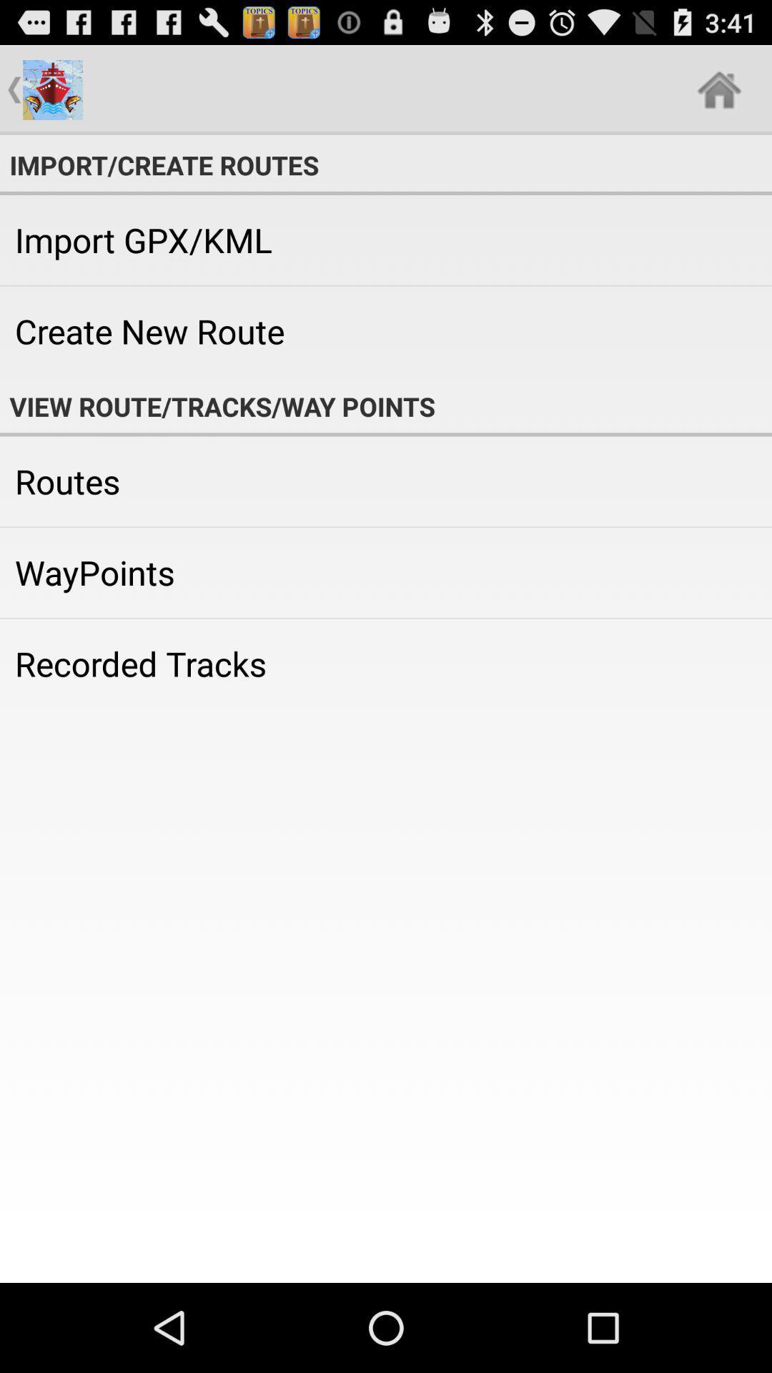 The height and width of the screenshot is (1373, 772). Describe the element at coordinates (386, 573) in the screenshot. I see `icon below the routes` at that location.